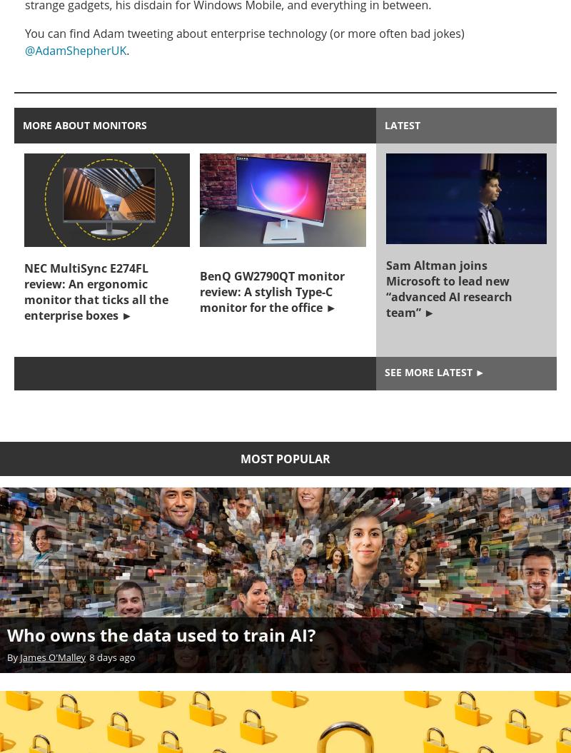  Describe the element at coordinates (75, 49) in the screenshot. I see `'@AdamShepherUK'` at that location.